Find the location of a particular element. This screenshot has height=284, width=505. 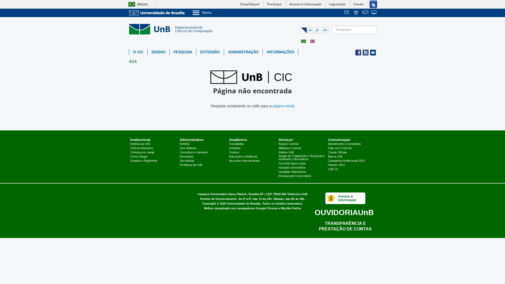

'Decanatos' is located at coordinates (186, 156).